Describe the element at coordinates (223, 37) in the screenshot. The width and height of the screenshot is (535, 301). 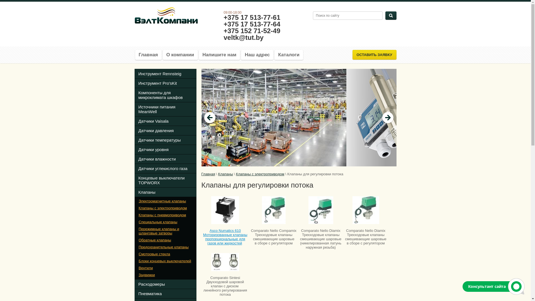
I see `'veltk@tut.by'` at that location.